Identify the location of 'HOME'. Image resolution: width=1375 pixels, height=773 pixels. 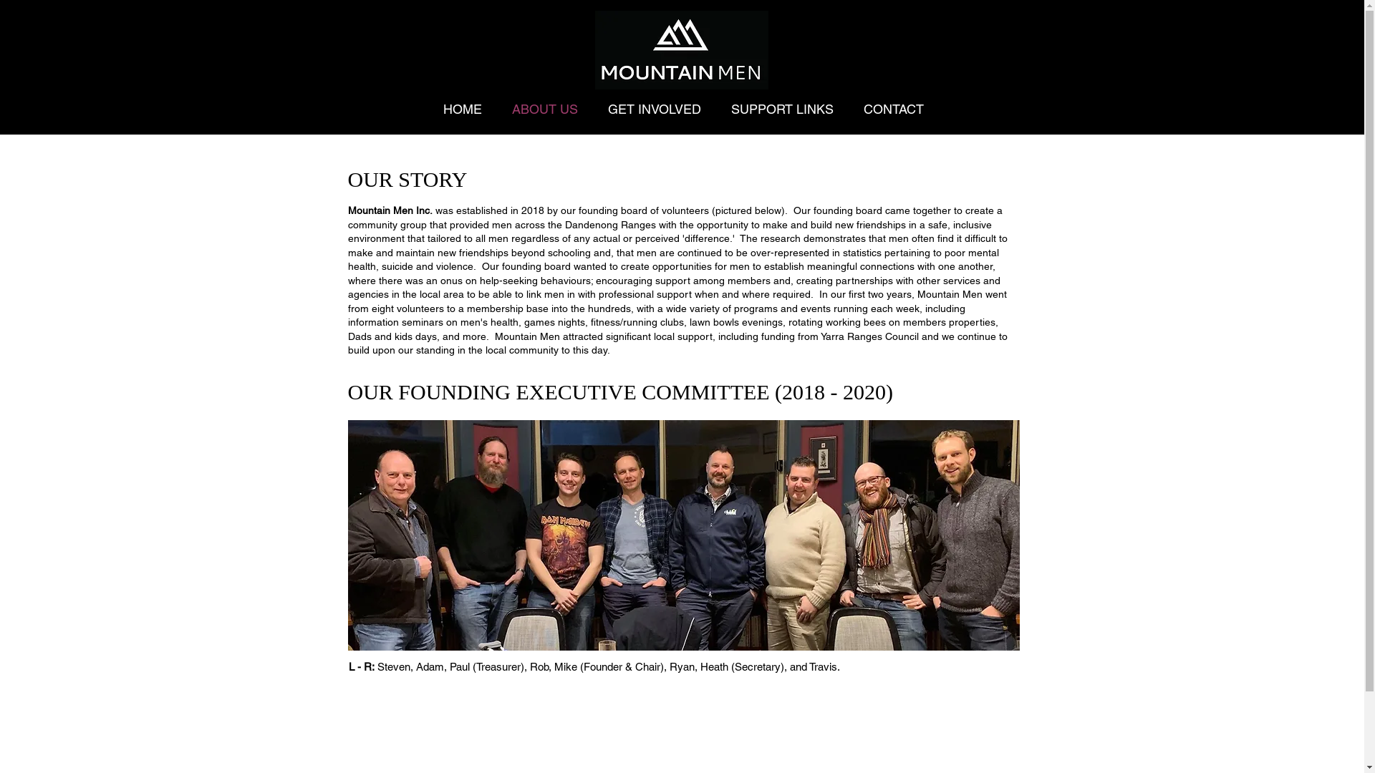
(463, 108).